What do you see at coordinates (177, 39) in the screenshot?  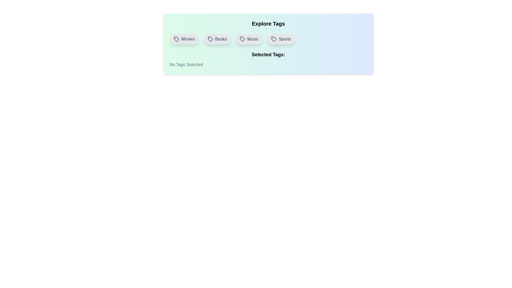 I see `the decorative icon representing the tag motif for the 'Movies' button, located at the top-left corner of the layout` at bounding box center [177, 39].